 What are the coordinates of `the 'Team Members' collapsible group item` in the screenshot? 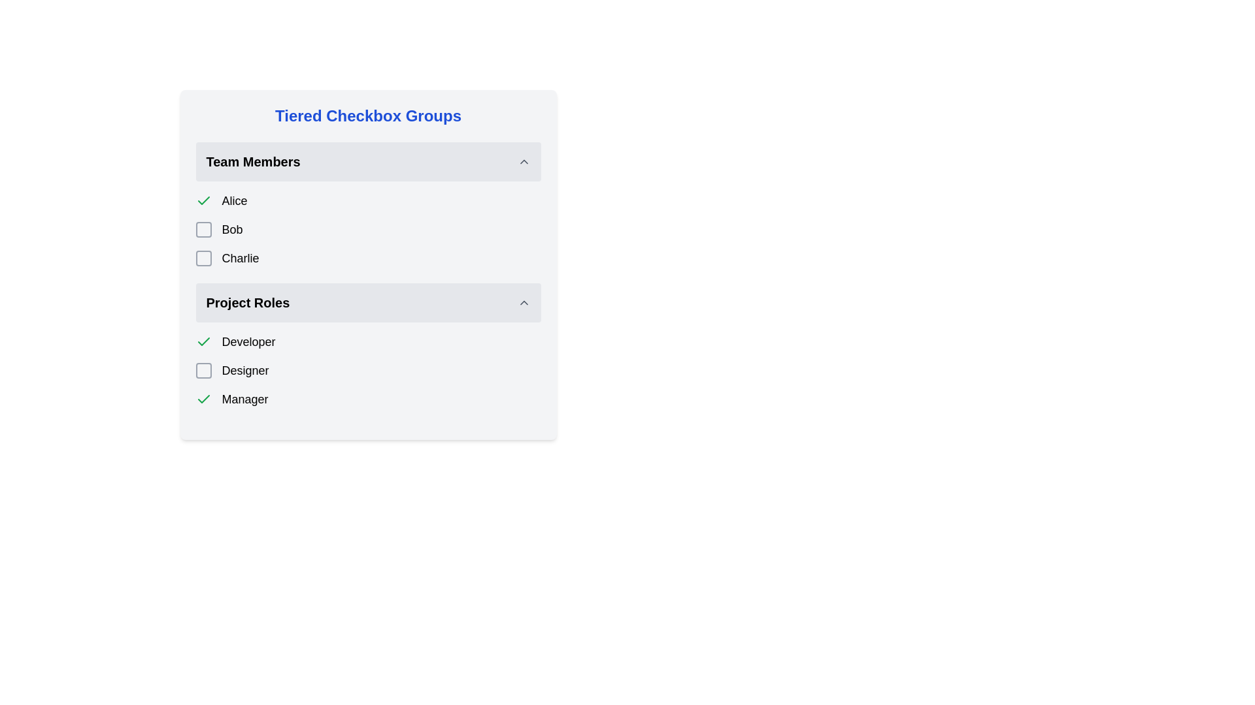 It's located at (367, 204).